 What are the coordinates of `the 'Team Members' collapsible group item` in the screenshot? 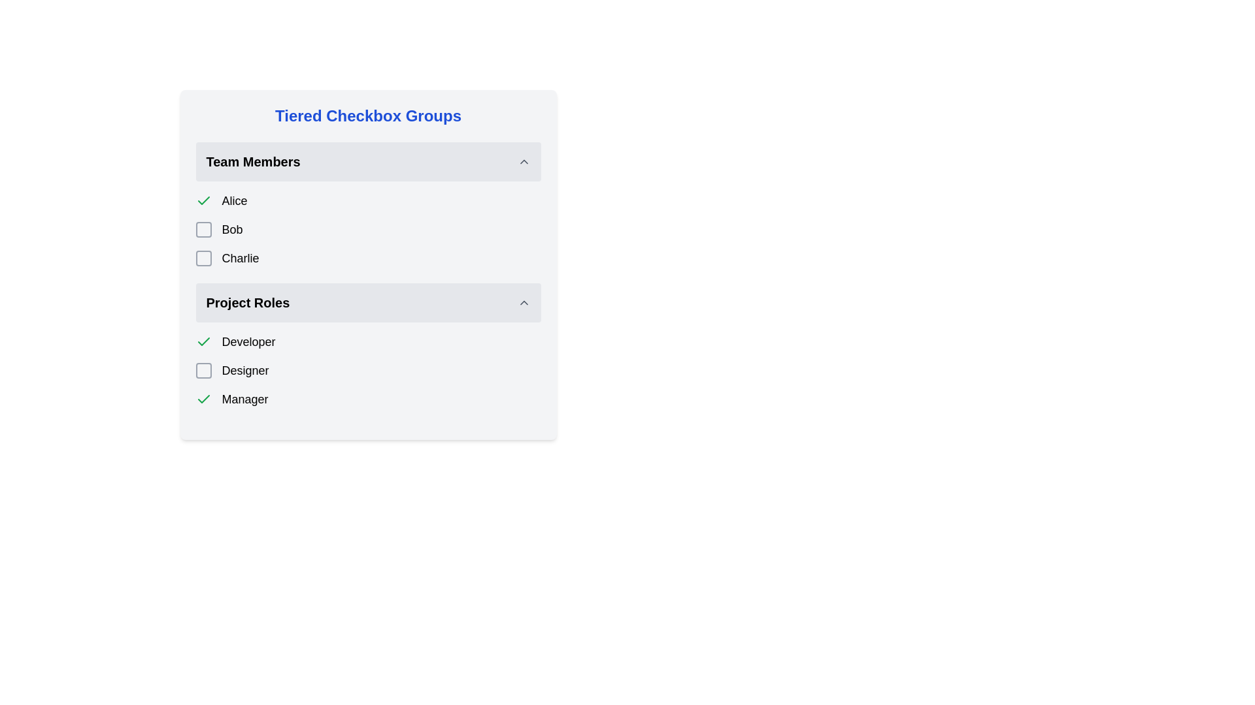 It's located at (367, 204).